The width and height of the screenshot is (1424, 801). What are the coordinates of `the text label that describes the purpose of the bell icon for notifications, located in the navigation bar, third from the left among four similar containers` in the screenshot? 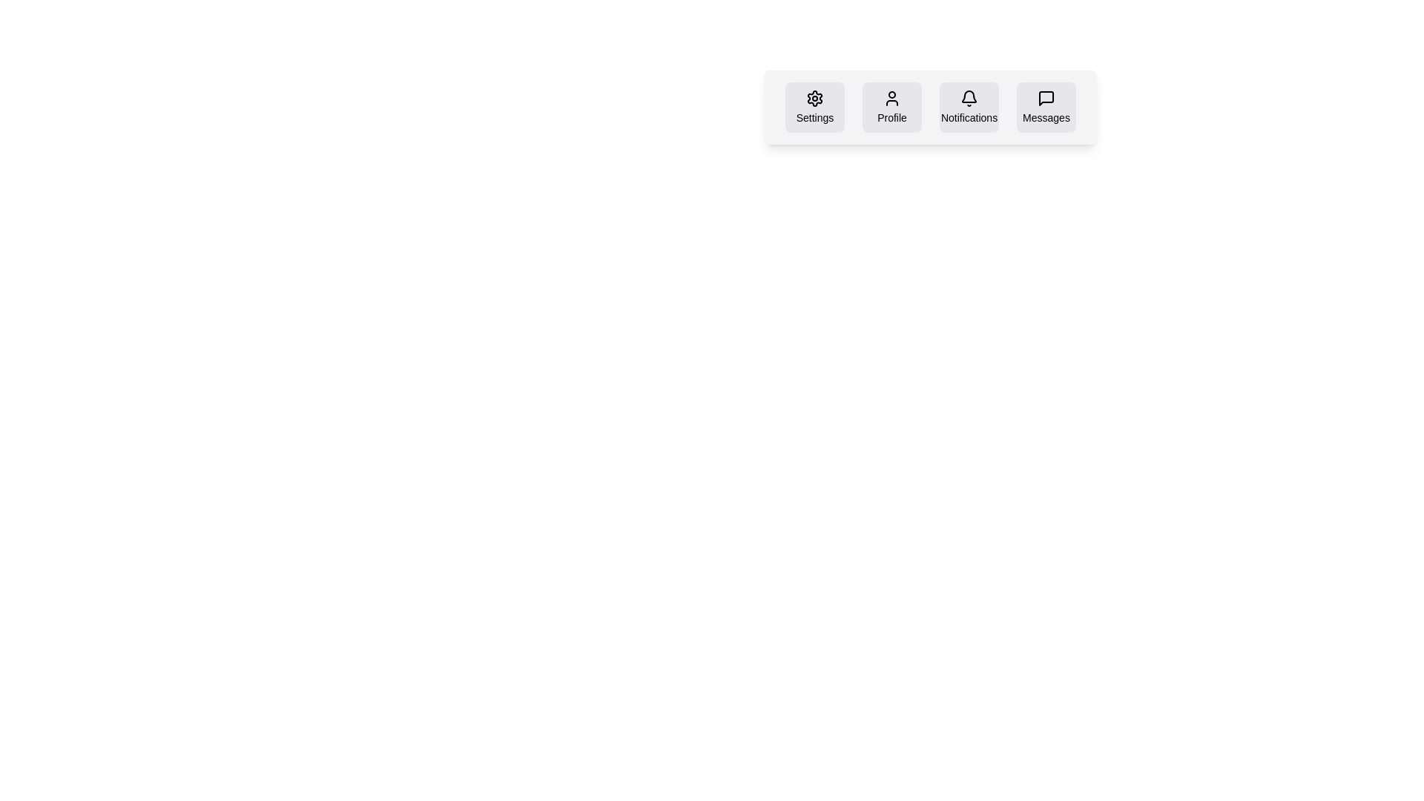 It's located at (969, 116).